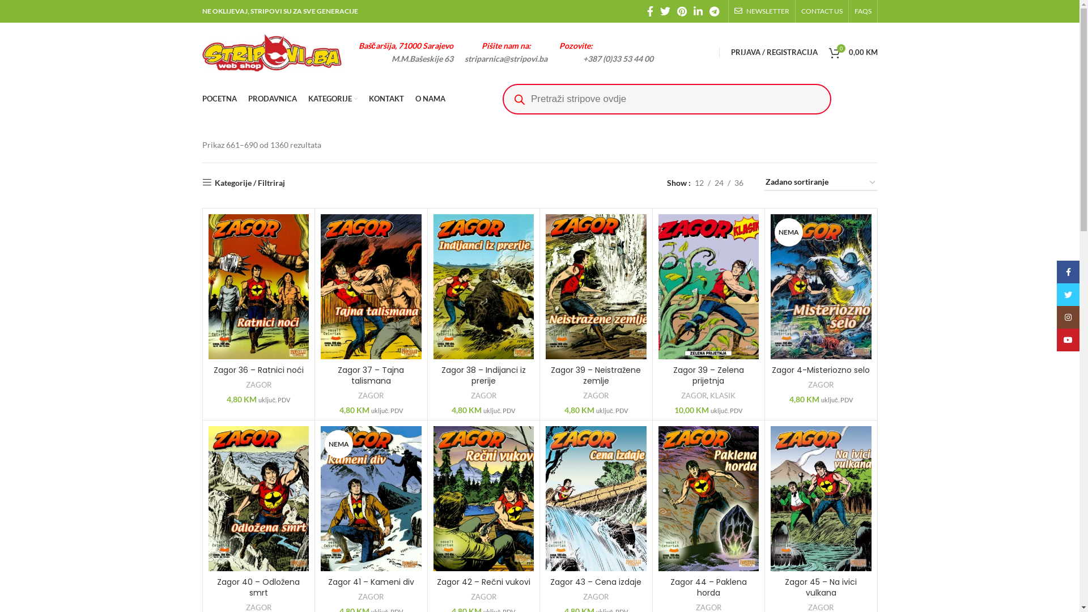  Describe the element at coordinates (386, 98) in the screenshot. I see `'KONTAKT'` at that location.